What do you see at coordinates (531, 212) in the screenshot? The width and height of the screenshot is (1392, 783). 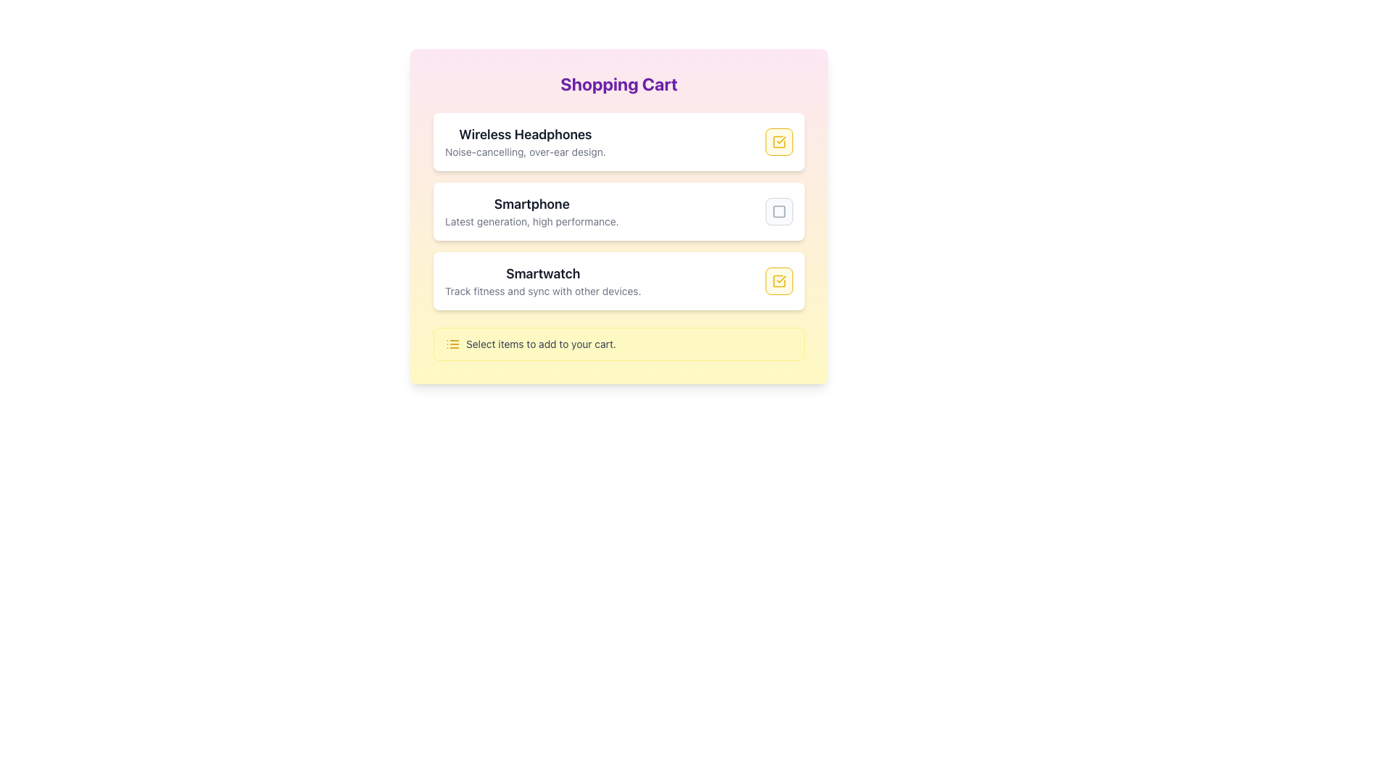 I see `the text block displaying 'Smartphone' and 'Latest generation, high performance.' which is located in the second card of the 'Shopping Cart' section` at bounding box center [531, 212].